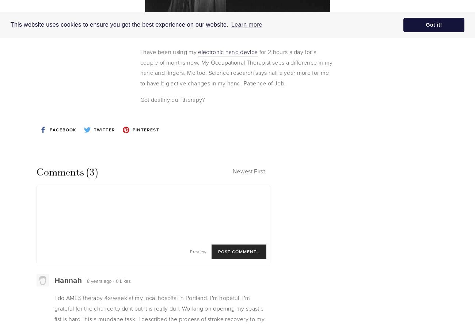  What do you see at coordinates (246, 24) in the screenshot?
I see `'Learn more'` at bounding box center [246, 24].